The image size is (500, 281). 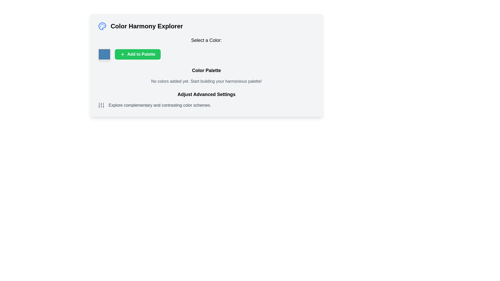 I want to click on the text content with an accompanying decorative icon located under the heading 'Adjust Advanced Settings', which provides guidance on color schemes, so click(x=206, y=105).